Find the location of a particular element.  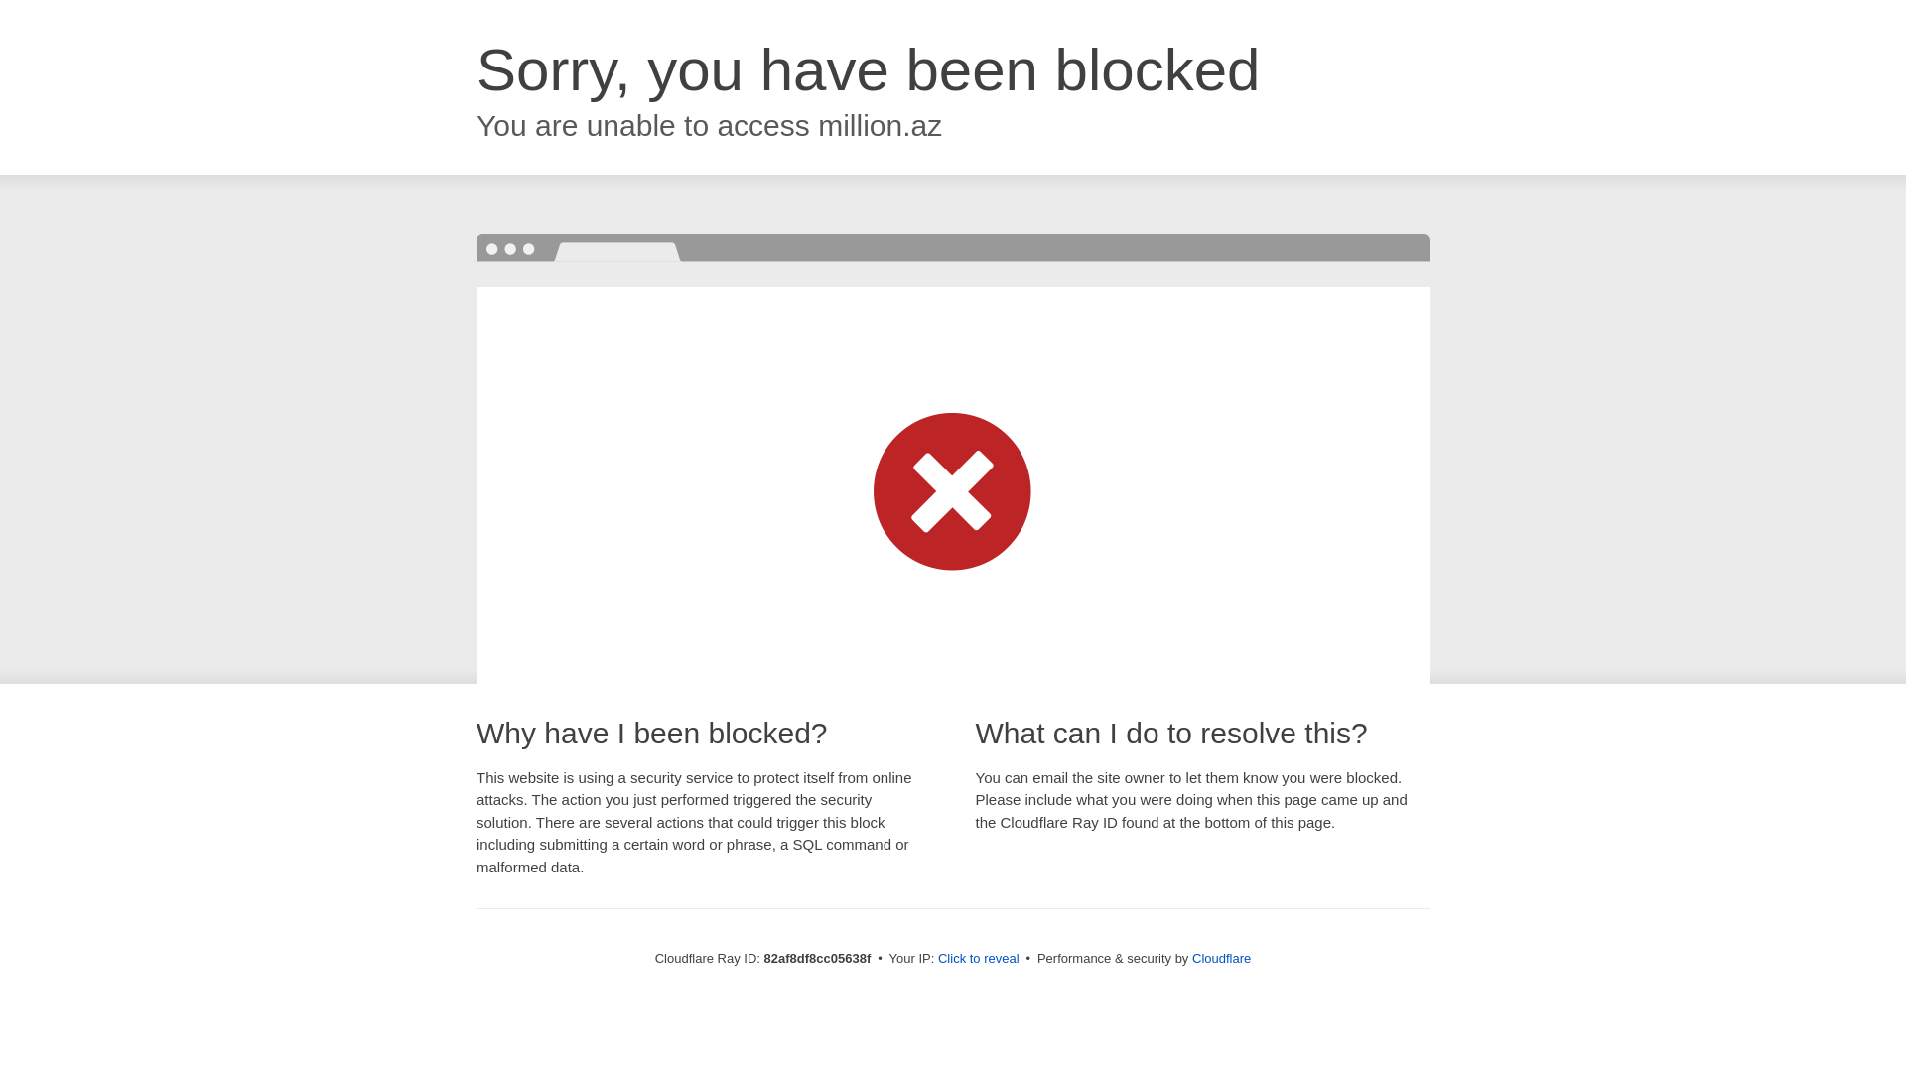

'Click to reveal' is located at coordinates (978, 957).